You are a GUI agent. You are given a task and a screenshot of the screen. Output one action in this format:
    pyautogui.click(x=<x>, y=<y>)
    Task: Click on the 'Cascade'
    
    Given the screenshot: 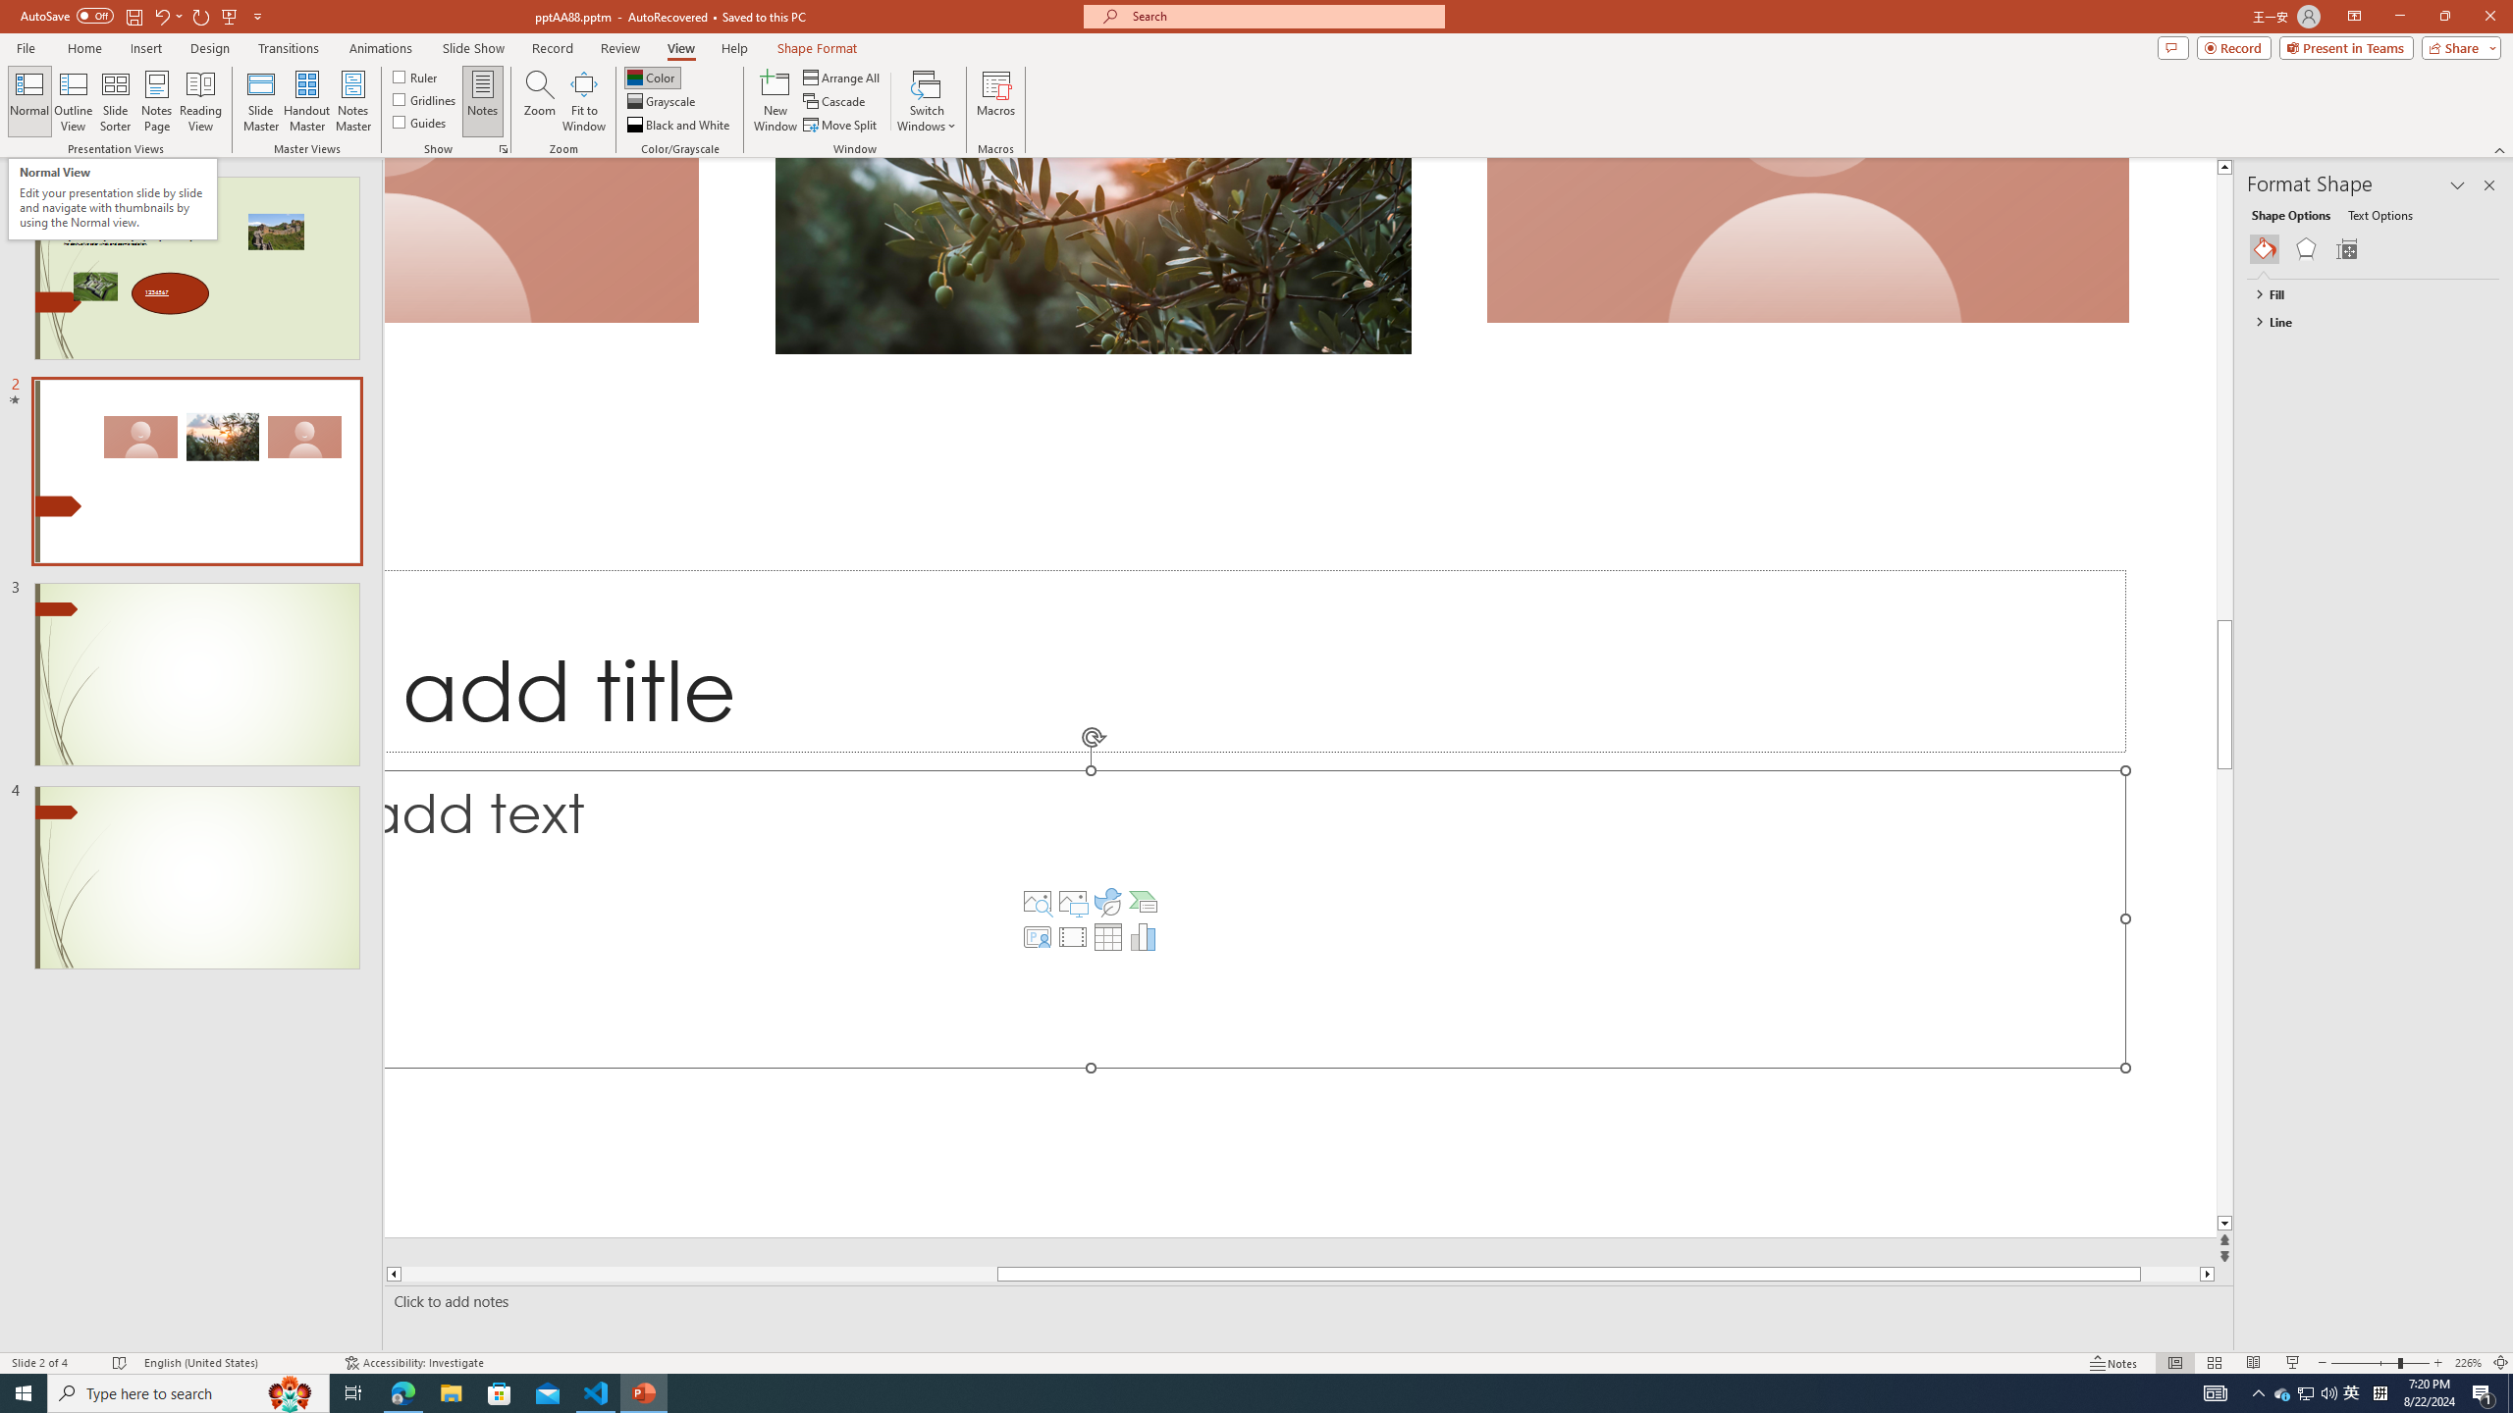 What is the action you would take?
    pyautogui.click(x=835, y=101)
    